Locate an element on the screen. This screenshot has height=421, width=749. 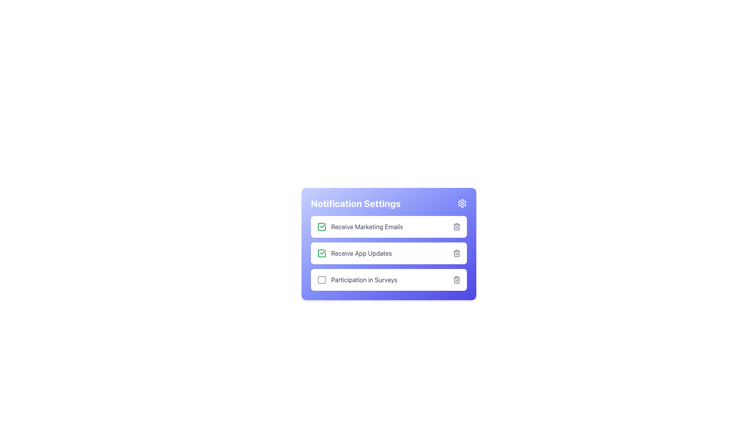
the delete button located in the topmost notification row labeled 'Receive Marketing Emails' on the right side is located at coordinates (457, 227).